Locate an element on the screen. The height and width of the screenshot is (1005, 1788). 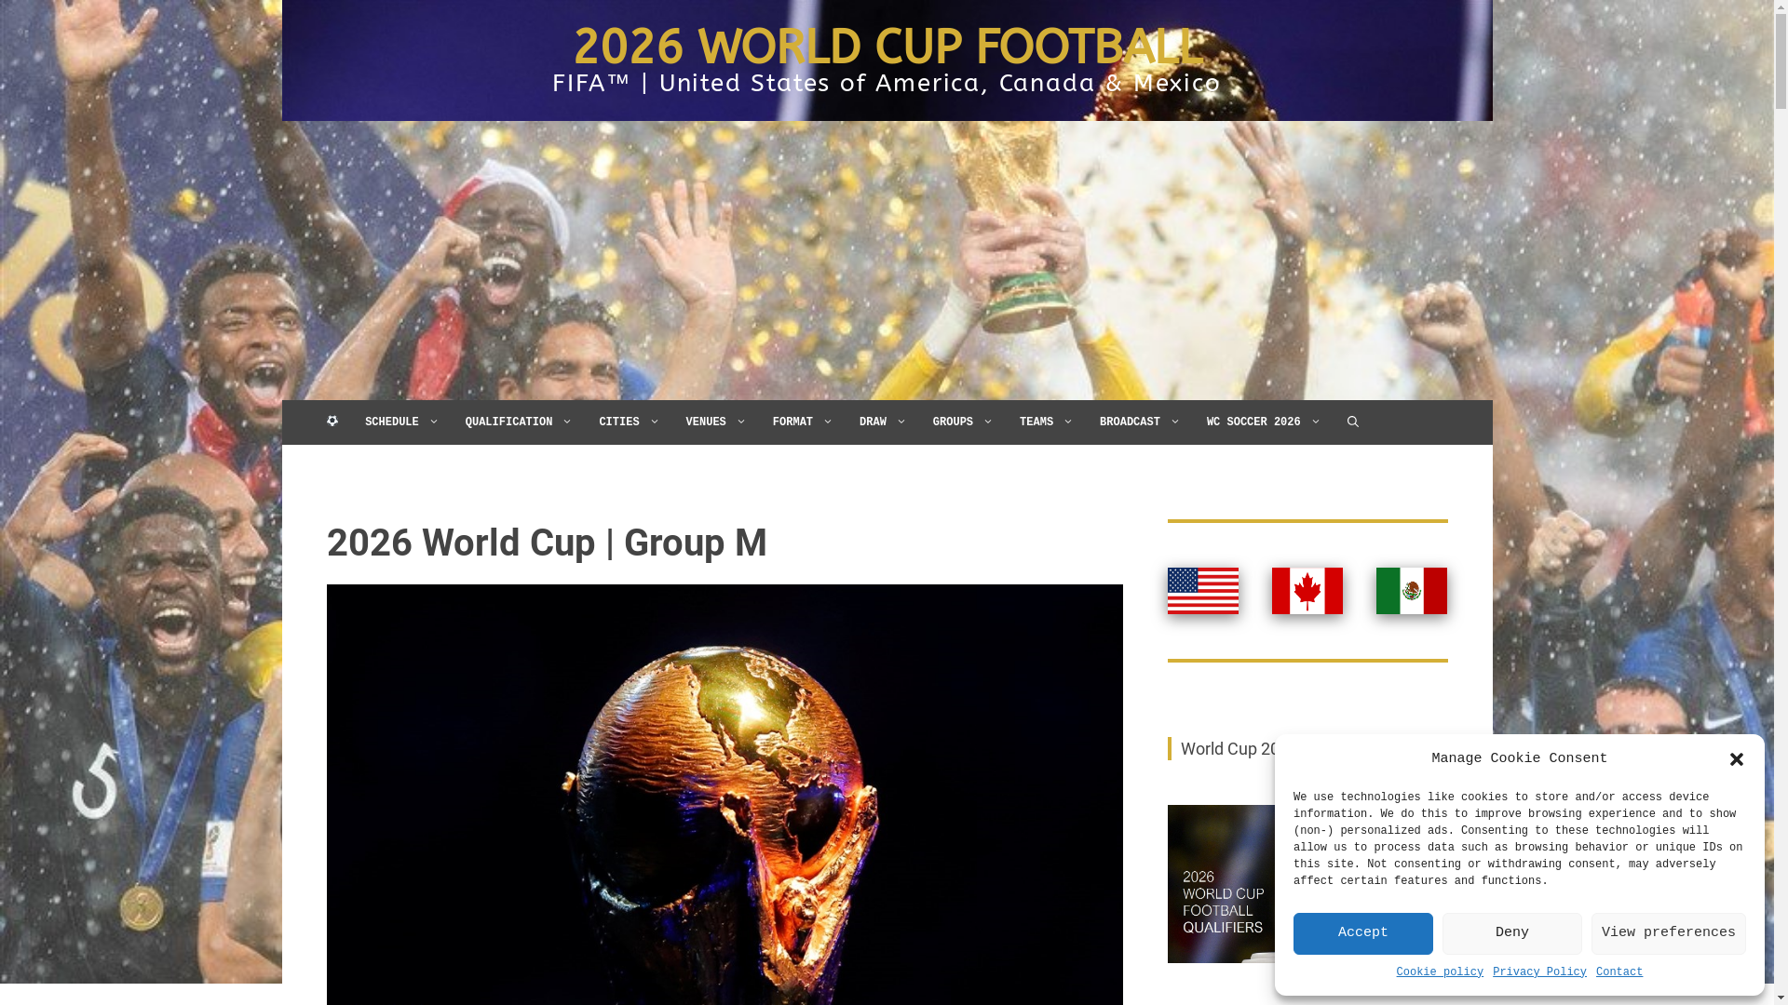
'Deny' is located at coordinates (1511, 933).